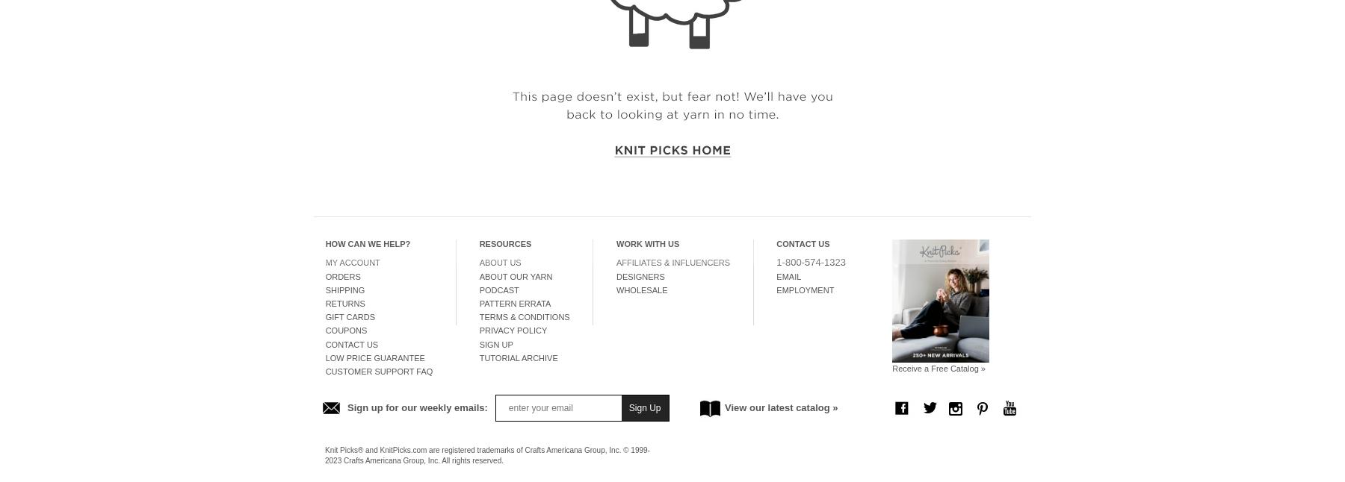 The image size is (1345, 482). Describe the element at coordinates (504, 243) in the screenshot. I see `'Resources'` at that location.